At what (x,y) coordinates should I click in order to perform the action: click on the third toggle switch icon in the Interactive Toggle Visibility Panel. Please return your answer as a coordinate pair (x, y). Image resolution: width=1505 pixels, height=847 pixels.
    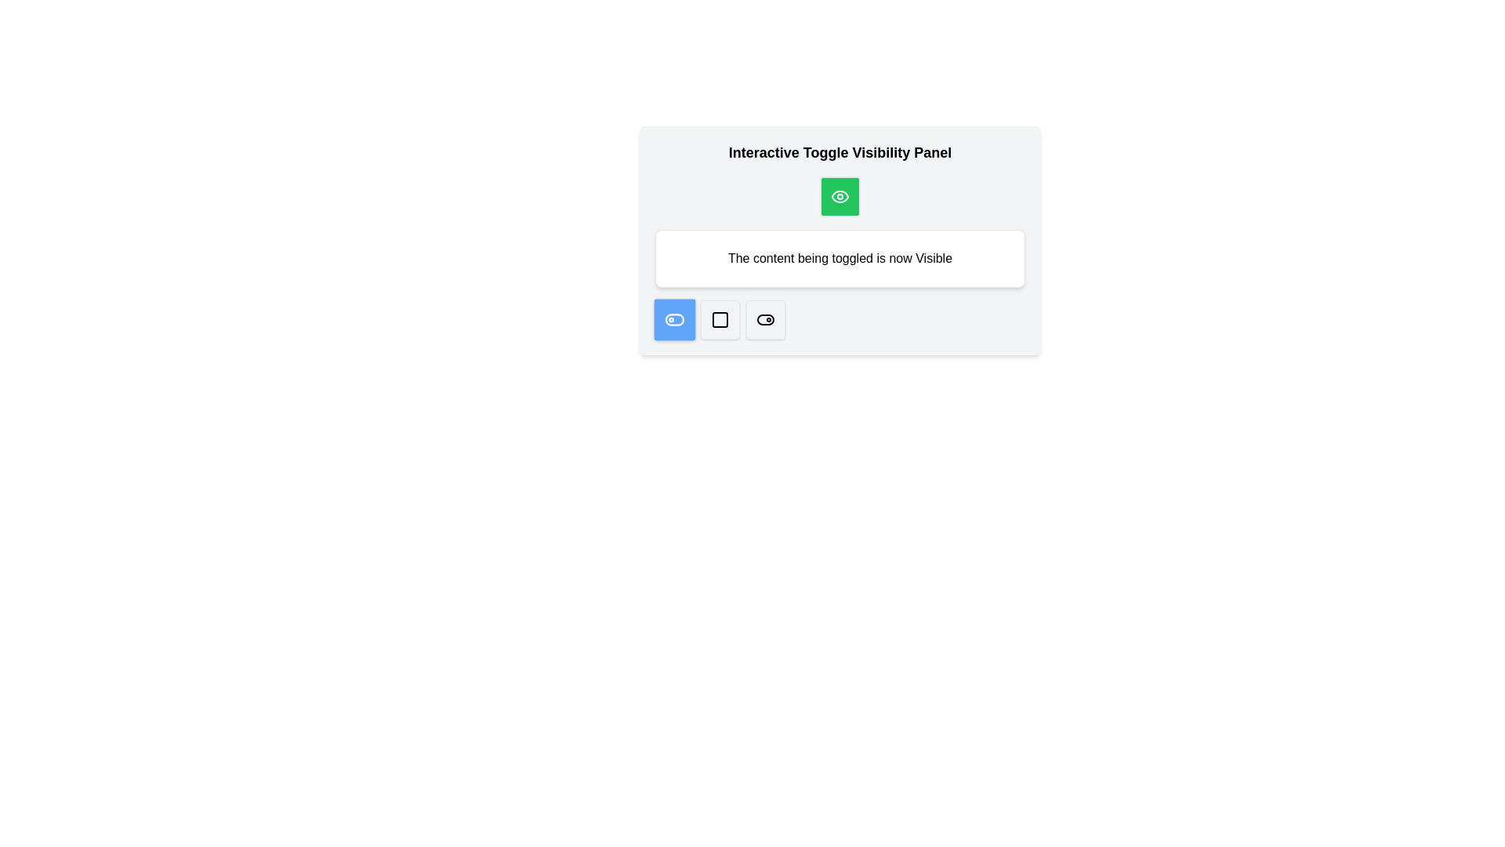
    Looking at the image, I should click on (766, 319).